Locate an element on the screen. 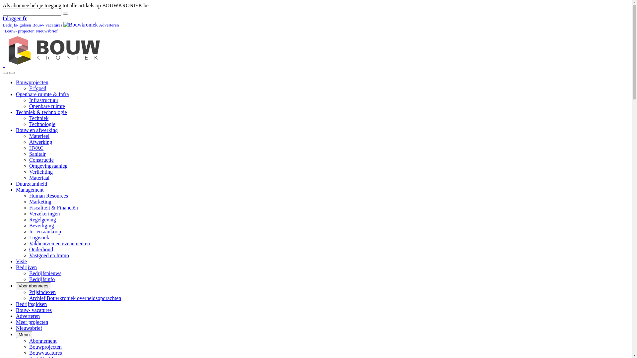 Image resolution: width=637 pixels, height=358 pixels. 'Meer projecten' is located at coordinates (16, 322).